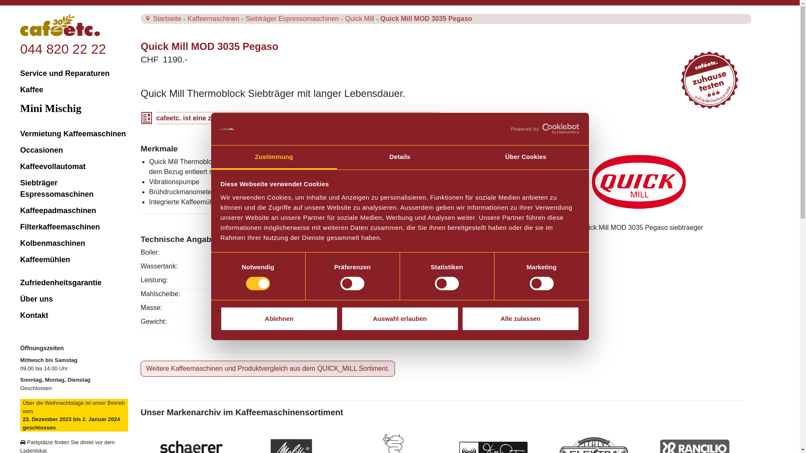  What do you see at coordinates (74, 90) in the screenshot?
I see `'Kaffee'` at bounding box center [74, 90].